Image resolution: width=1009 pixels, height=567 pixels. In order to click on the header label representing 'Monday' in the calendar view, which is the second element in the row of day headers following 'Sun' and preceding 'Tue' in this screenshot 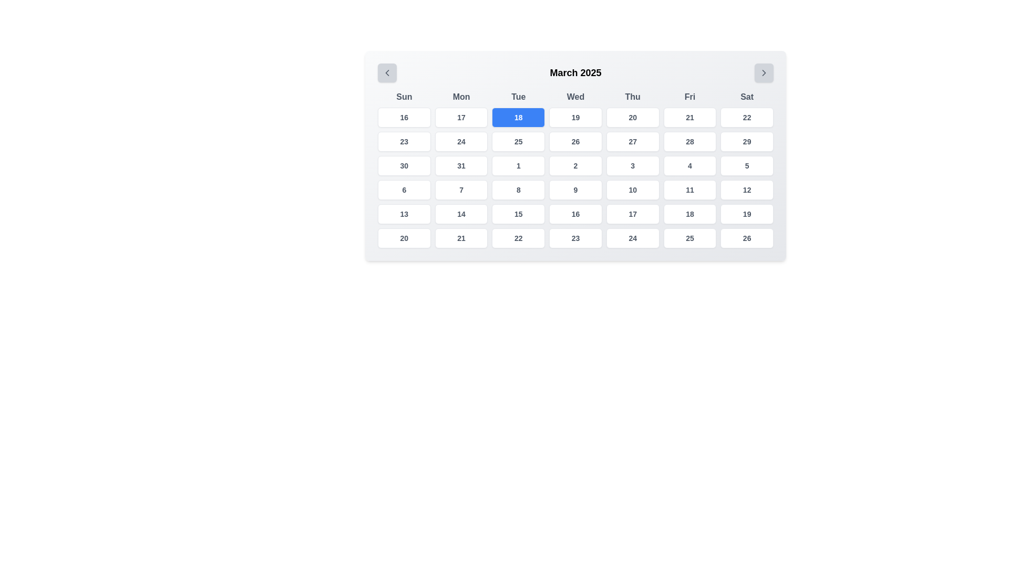, I will do `click(461, 97)`.